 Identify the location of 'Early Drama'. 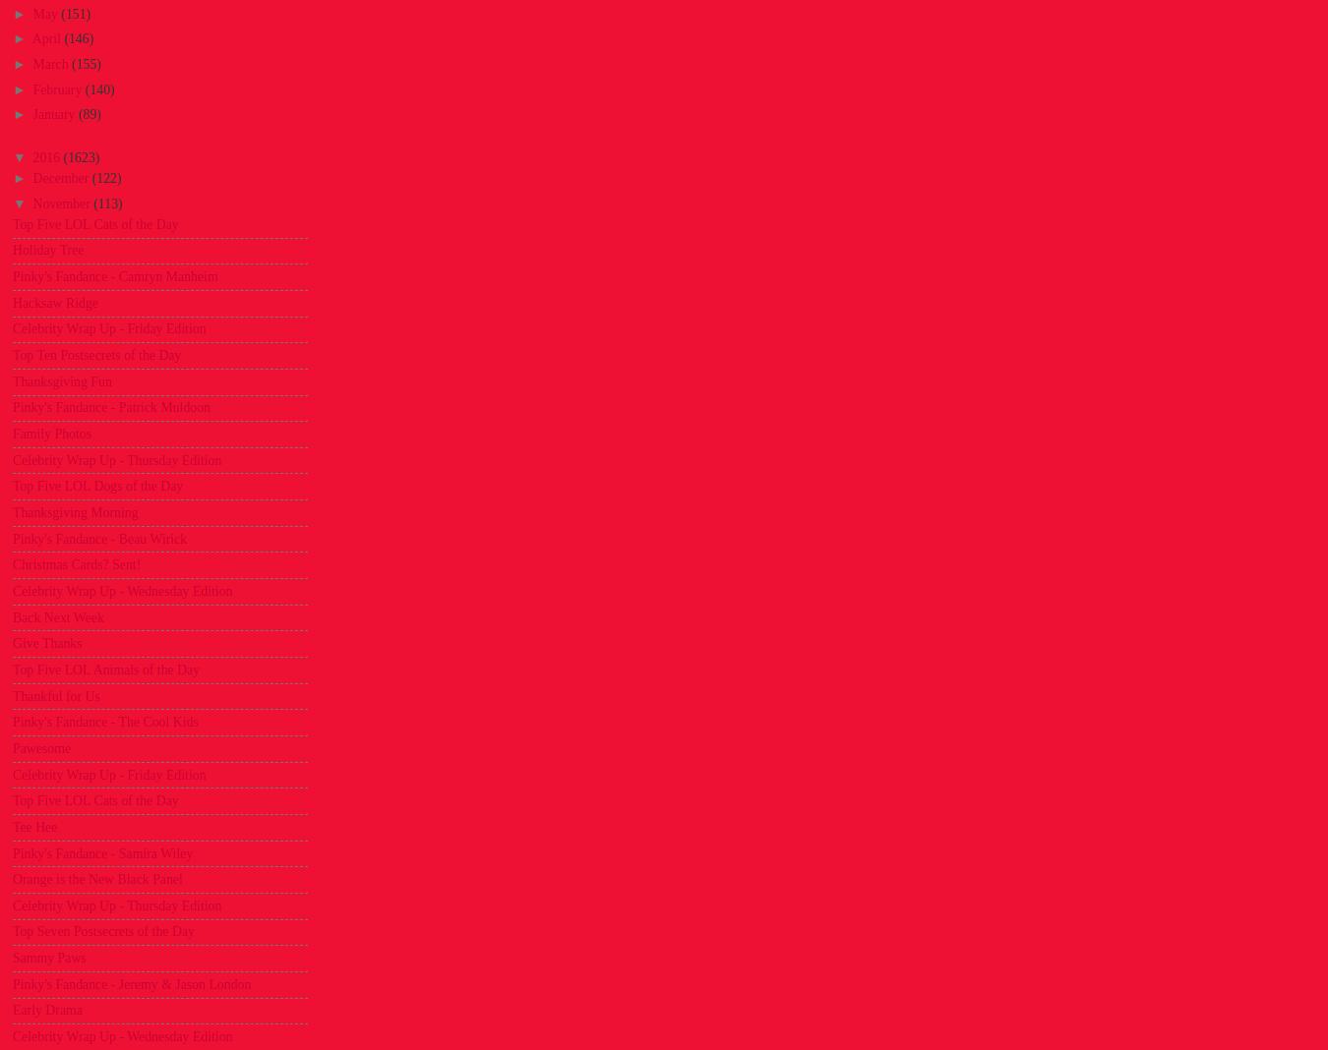
(46, 1010).